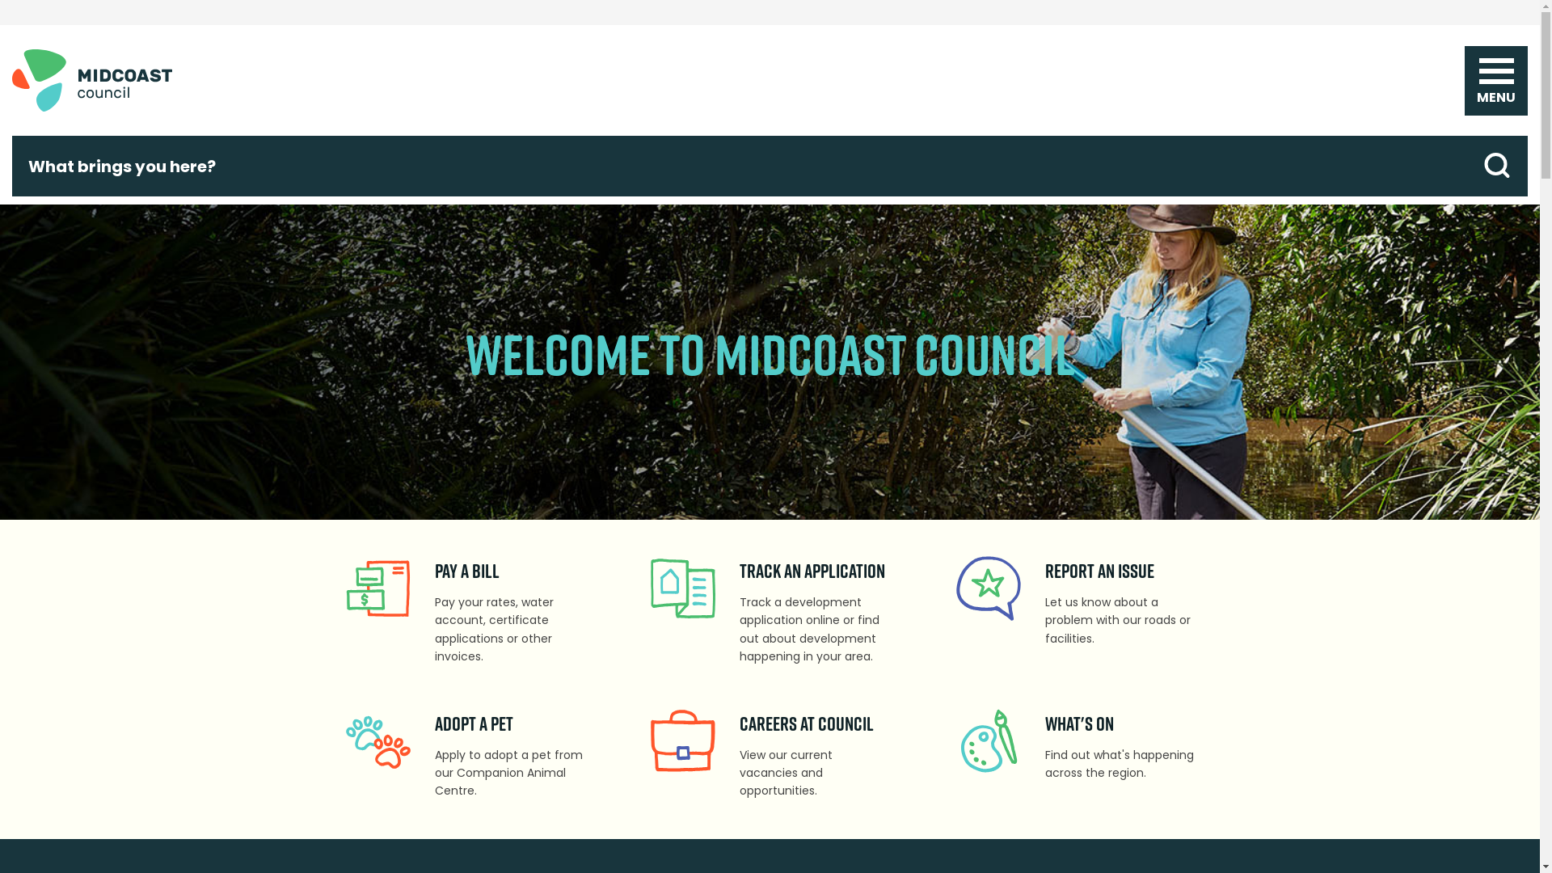 The width and height of the screenshot is (1552, 873). Describe the element at coordinates (1496, 166) in the screenshot. I see `'Search'` at that location.